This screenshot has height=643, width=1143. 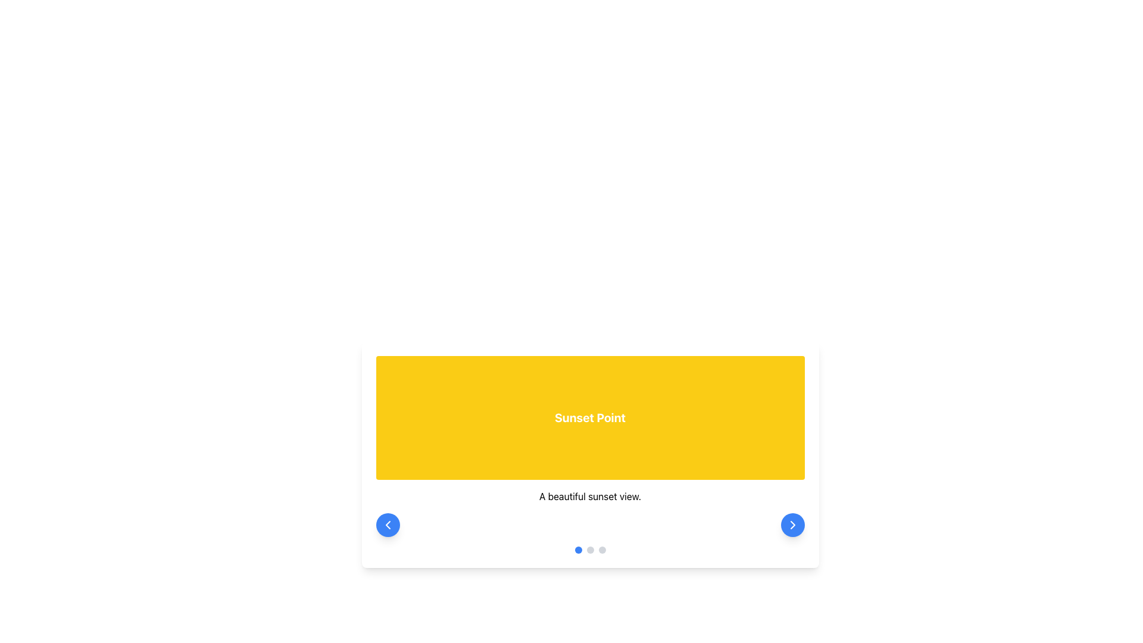 What do you see at coordinates (590, 550) in the screenshot?
I see `the blue circular indicator of the pagination at the bottom-center of the card, which is located below the text 'A beautiful sunset view'` at bounding box center [590, 550].